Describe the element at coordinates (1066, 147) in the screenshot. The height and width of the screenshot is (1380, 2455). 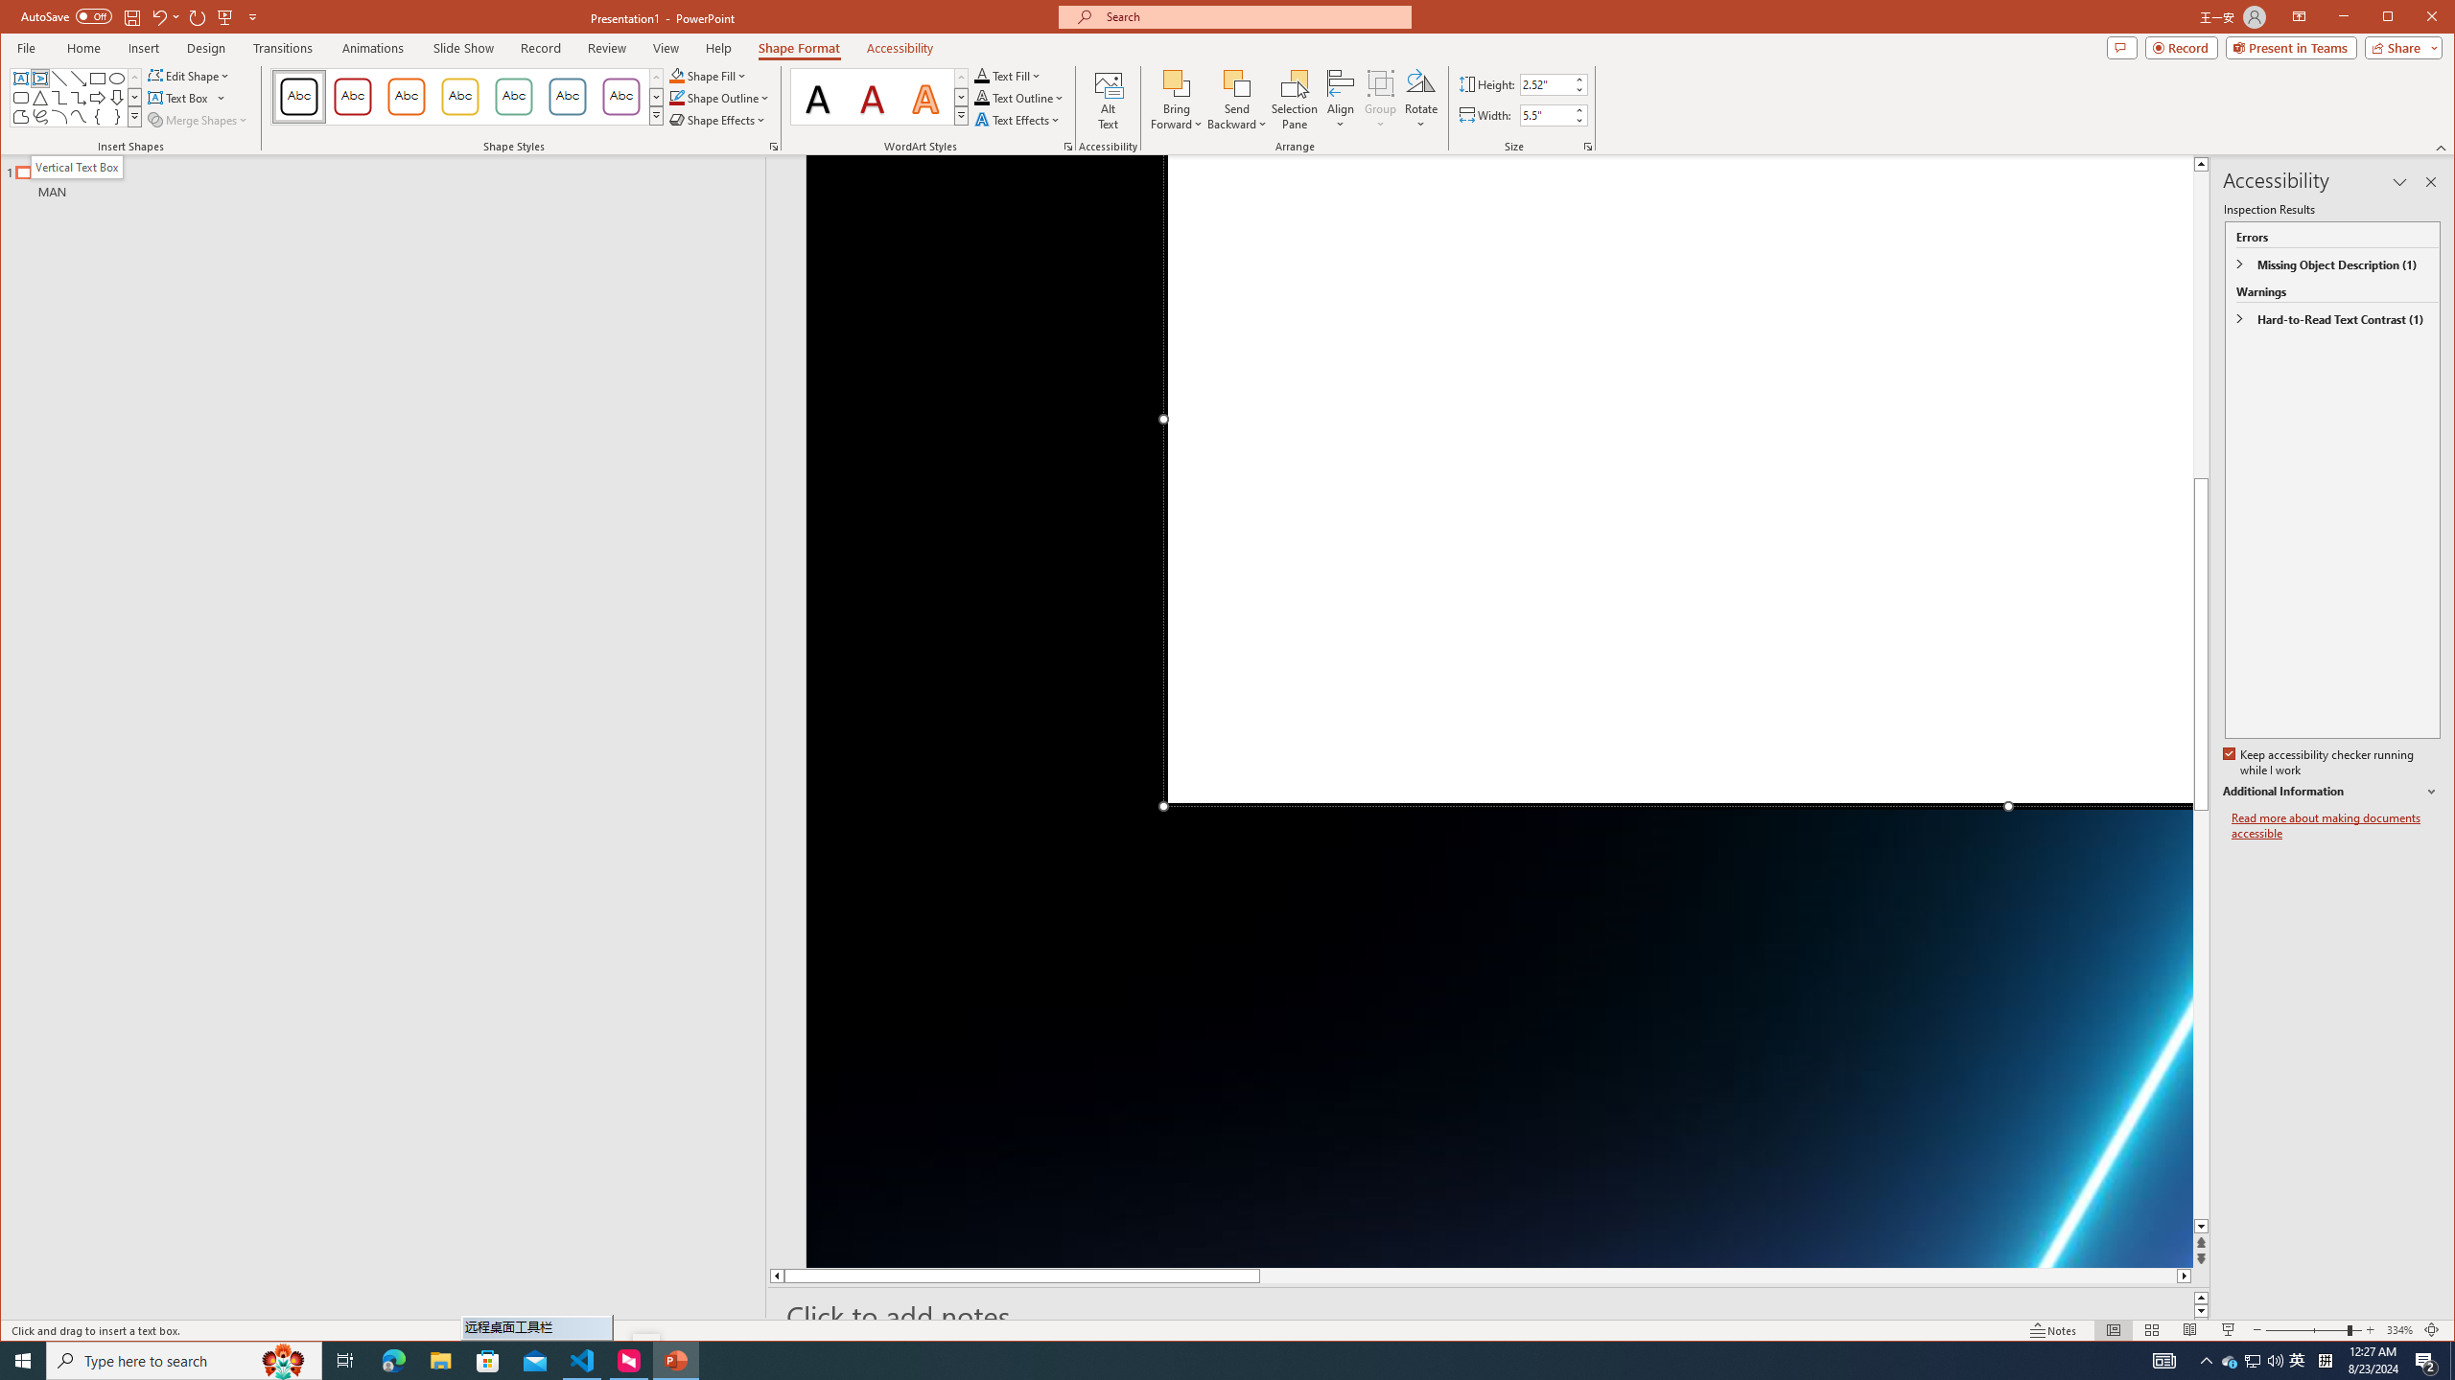
I see `'Format Text Effects...'` at that location.